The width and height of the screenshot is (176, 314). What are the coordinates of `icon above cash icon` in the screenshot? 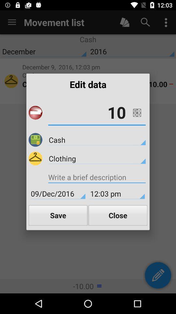 It's located at (96, 113).